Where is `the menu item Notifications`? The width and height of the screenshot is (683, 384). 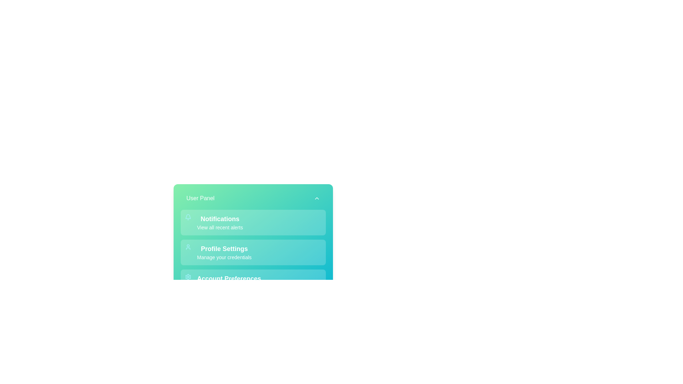
the menu item Notifications is located at coordinates (253, 222).